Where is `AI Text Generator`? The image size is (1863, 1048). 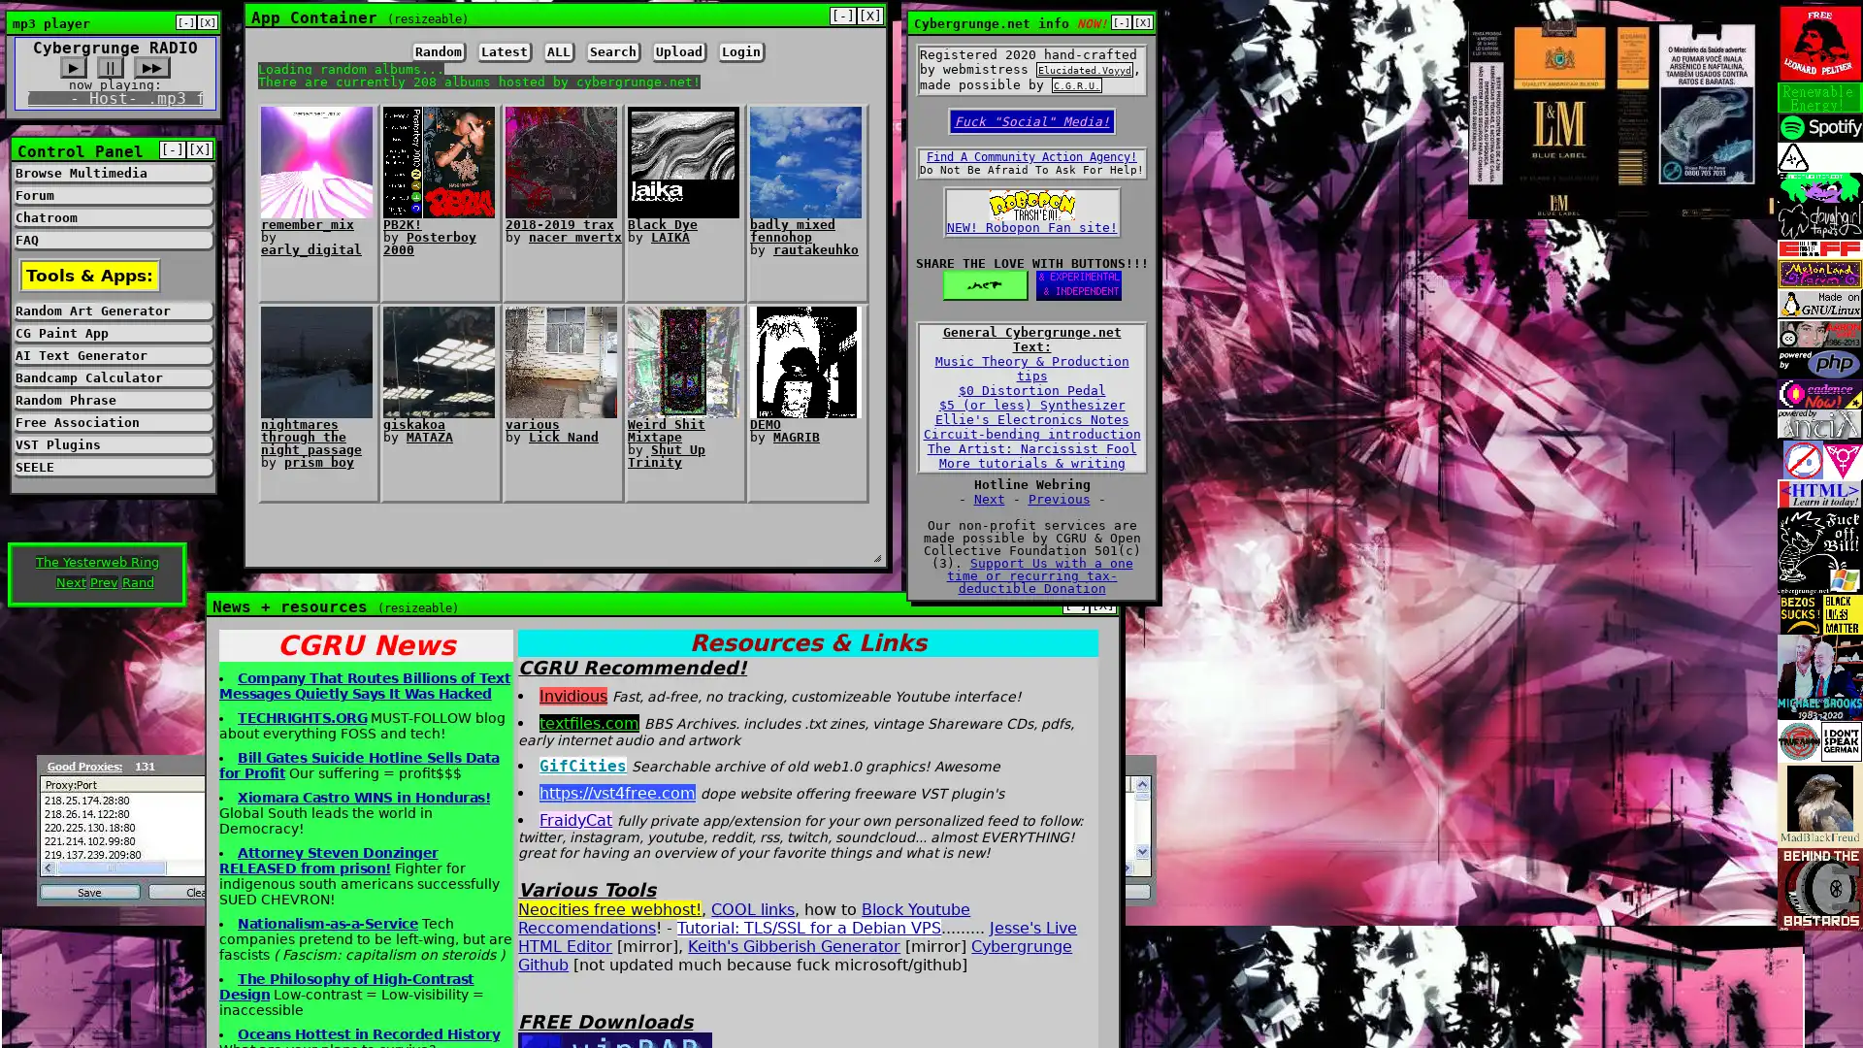
AI Text Generator is located at coordinates (112, 355).